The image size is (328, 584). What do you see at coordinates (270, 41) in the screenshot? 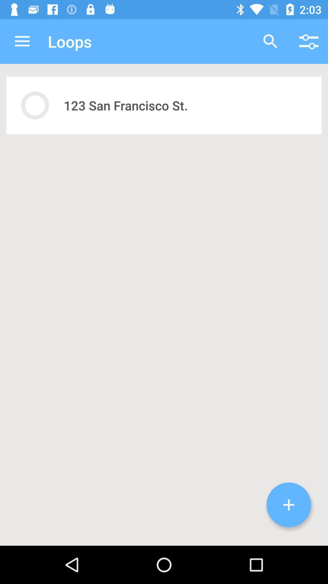
I see `icon next to loops` at bounding box center [270, 41].